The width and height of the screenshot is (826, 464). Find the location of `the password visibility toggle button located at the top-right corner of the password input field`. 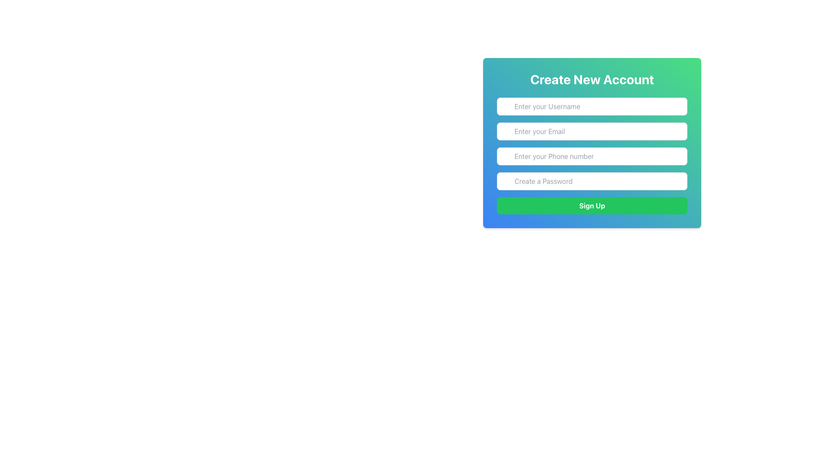

the password visibility toggle button located at the top-right corner of the password input field is located at coordinates (677, 182).